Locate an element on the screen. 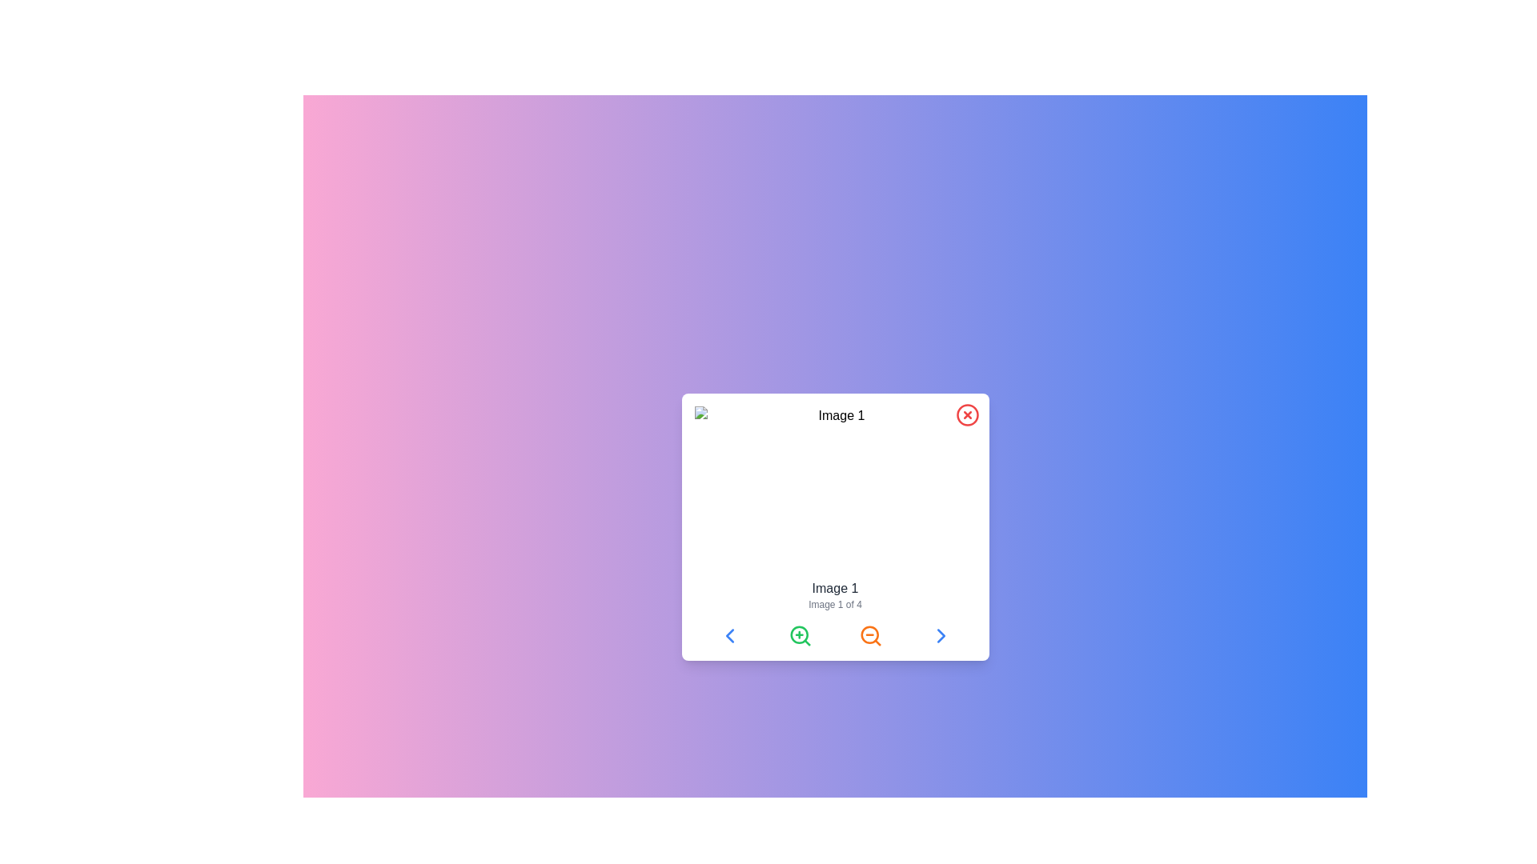 The image size is (1537, 864). the thin-ringed circle graphic that represents the lens outline of the 'zoom-out' icon on the modal window interface is located at coordinates (869, 634).